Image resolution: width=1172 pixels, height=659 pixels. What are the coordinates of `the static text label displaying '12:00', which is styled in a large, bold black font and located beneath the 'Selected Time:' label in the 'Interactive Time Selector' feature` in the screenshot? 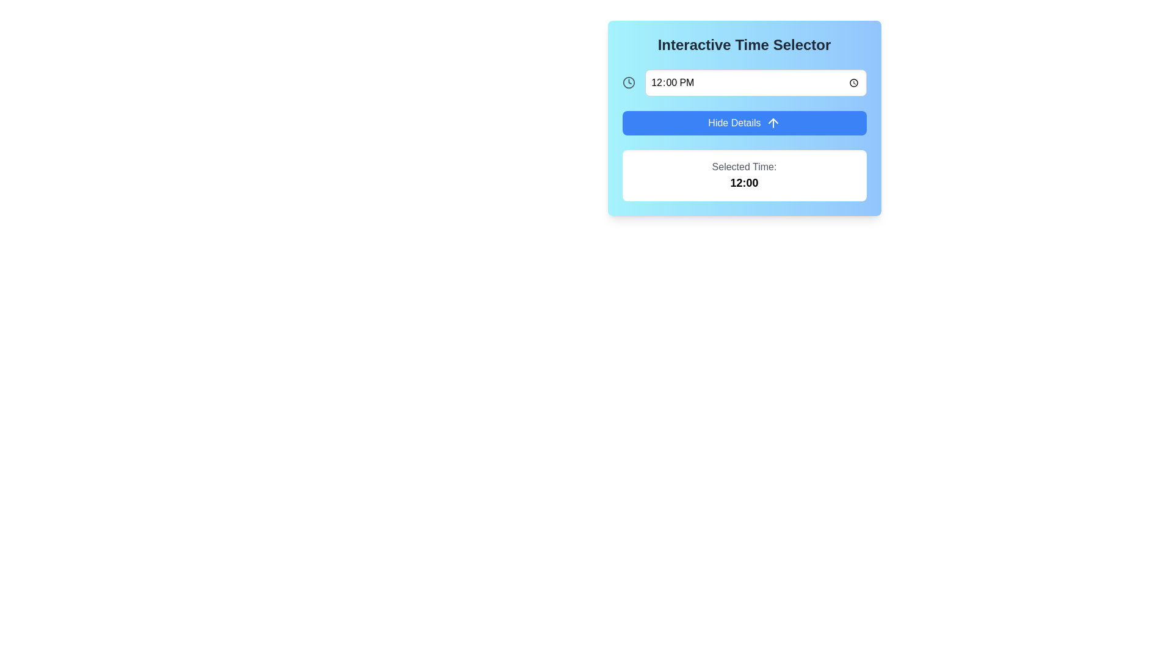 It's located at (743, 183).